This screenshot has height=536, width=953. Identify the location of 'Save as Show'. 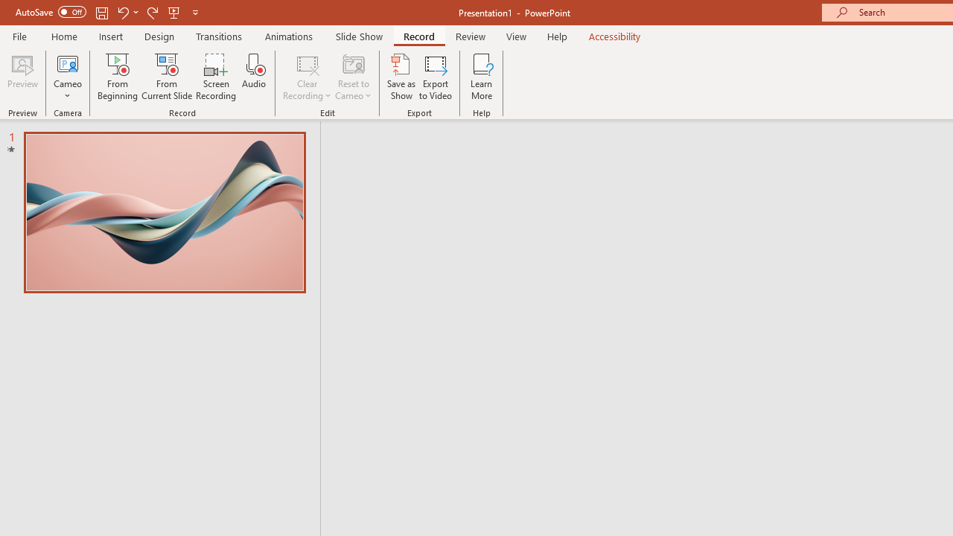
(401, 77).